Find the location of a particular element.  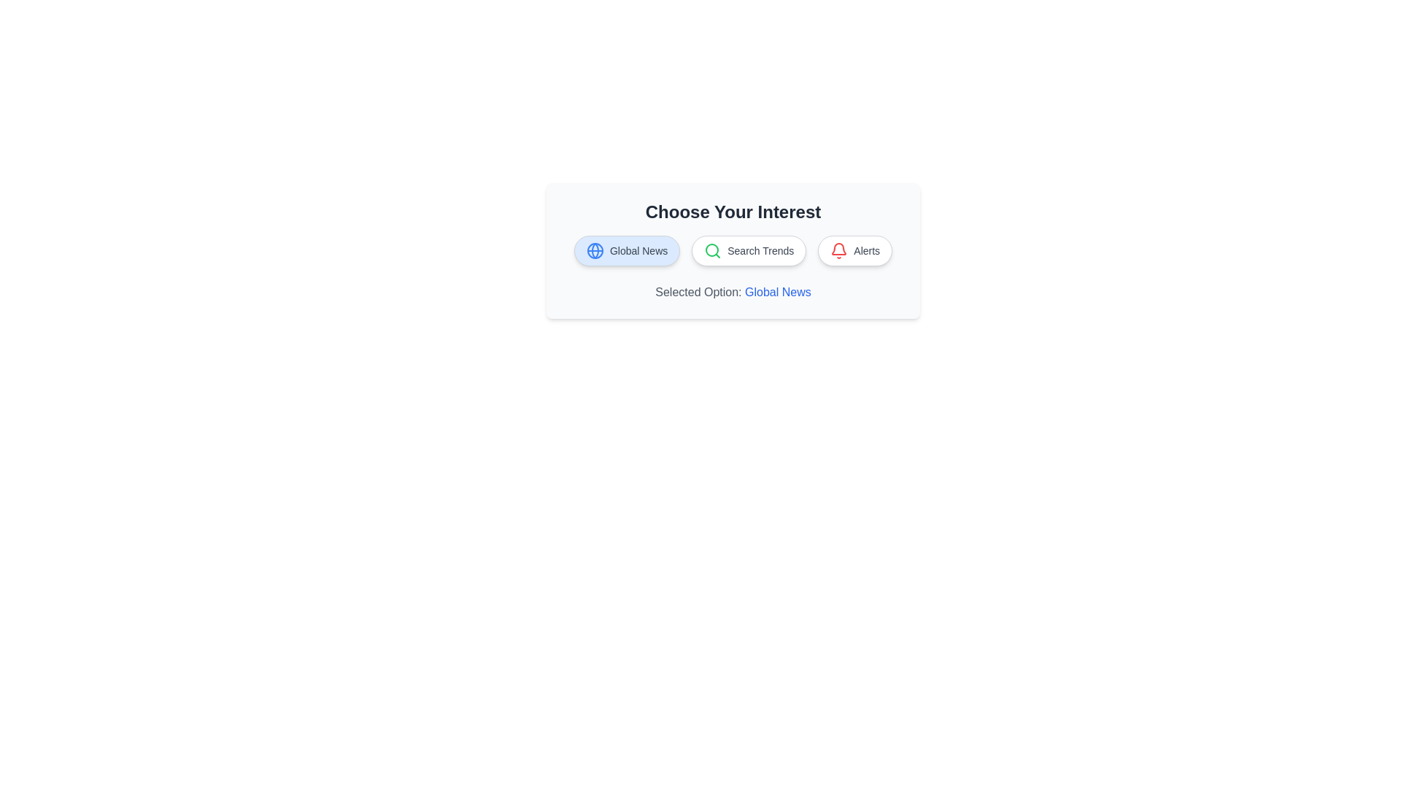

the chip labeled Global News to update the selected option is located at coordinates (627, 250).